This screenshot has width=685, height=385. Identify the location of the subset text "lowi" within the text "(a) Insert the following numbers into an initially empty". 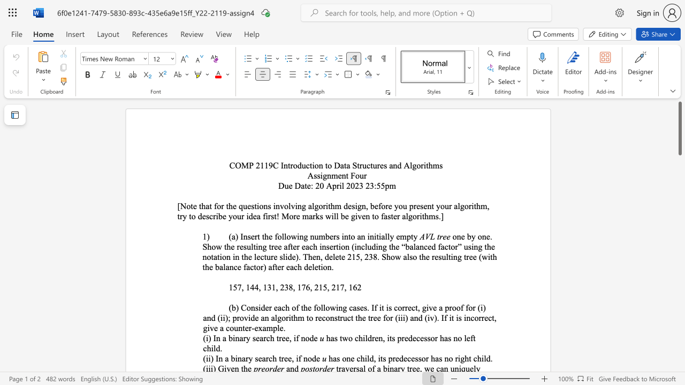
(284, 236).